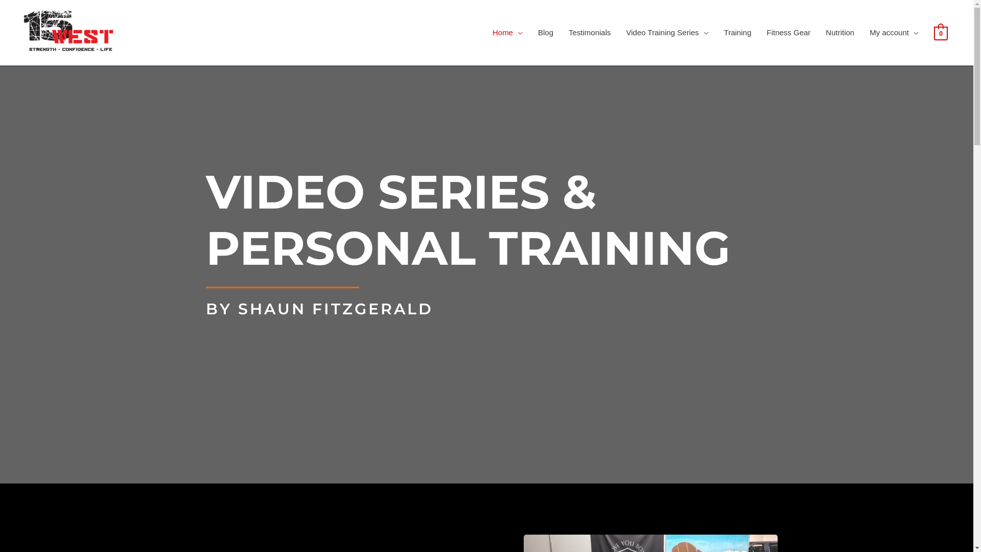 Image resolution: width=981 pixels, height=552 pixels. I want to click on 'My account', so click(894, 32).